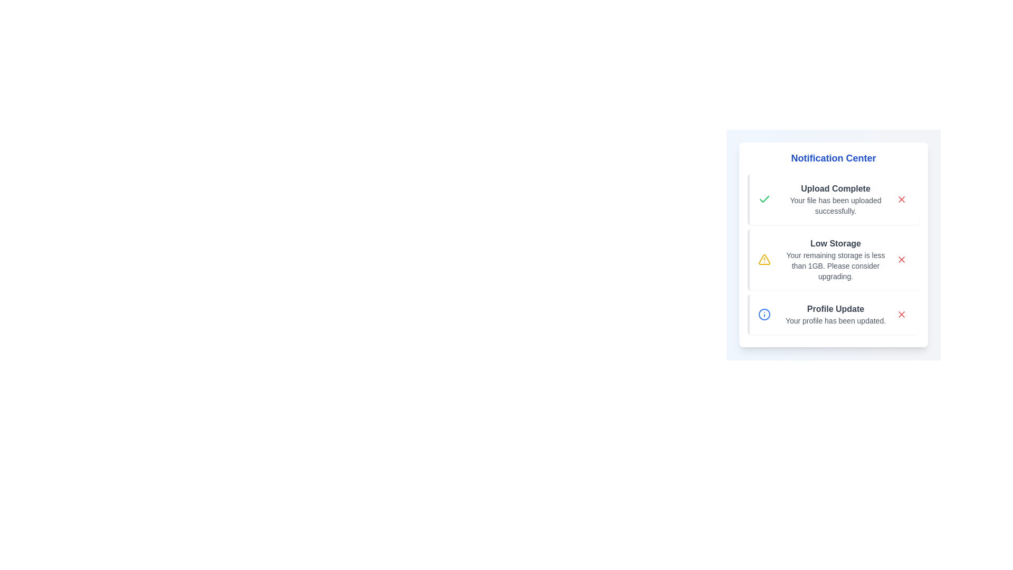  What do you see at coordinates (835, 309) in the screenshot?
I see `the text label that says 'Profile Update', which is located at the top-left corner of the notification card within the vertical list of notifications` at bounding box center [835, 309].